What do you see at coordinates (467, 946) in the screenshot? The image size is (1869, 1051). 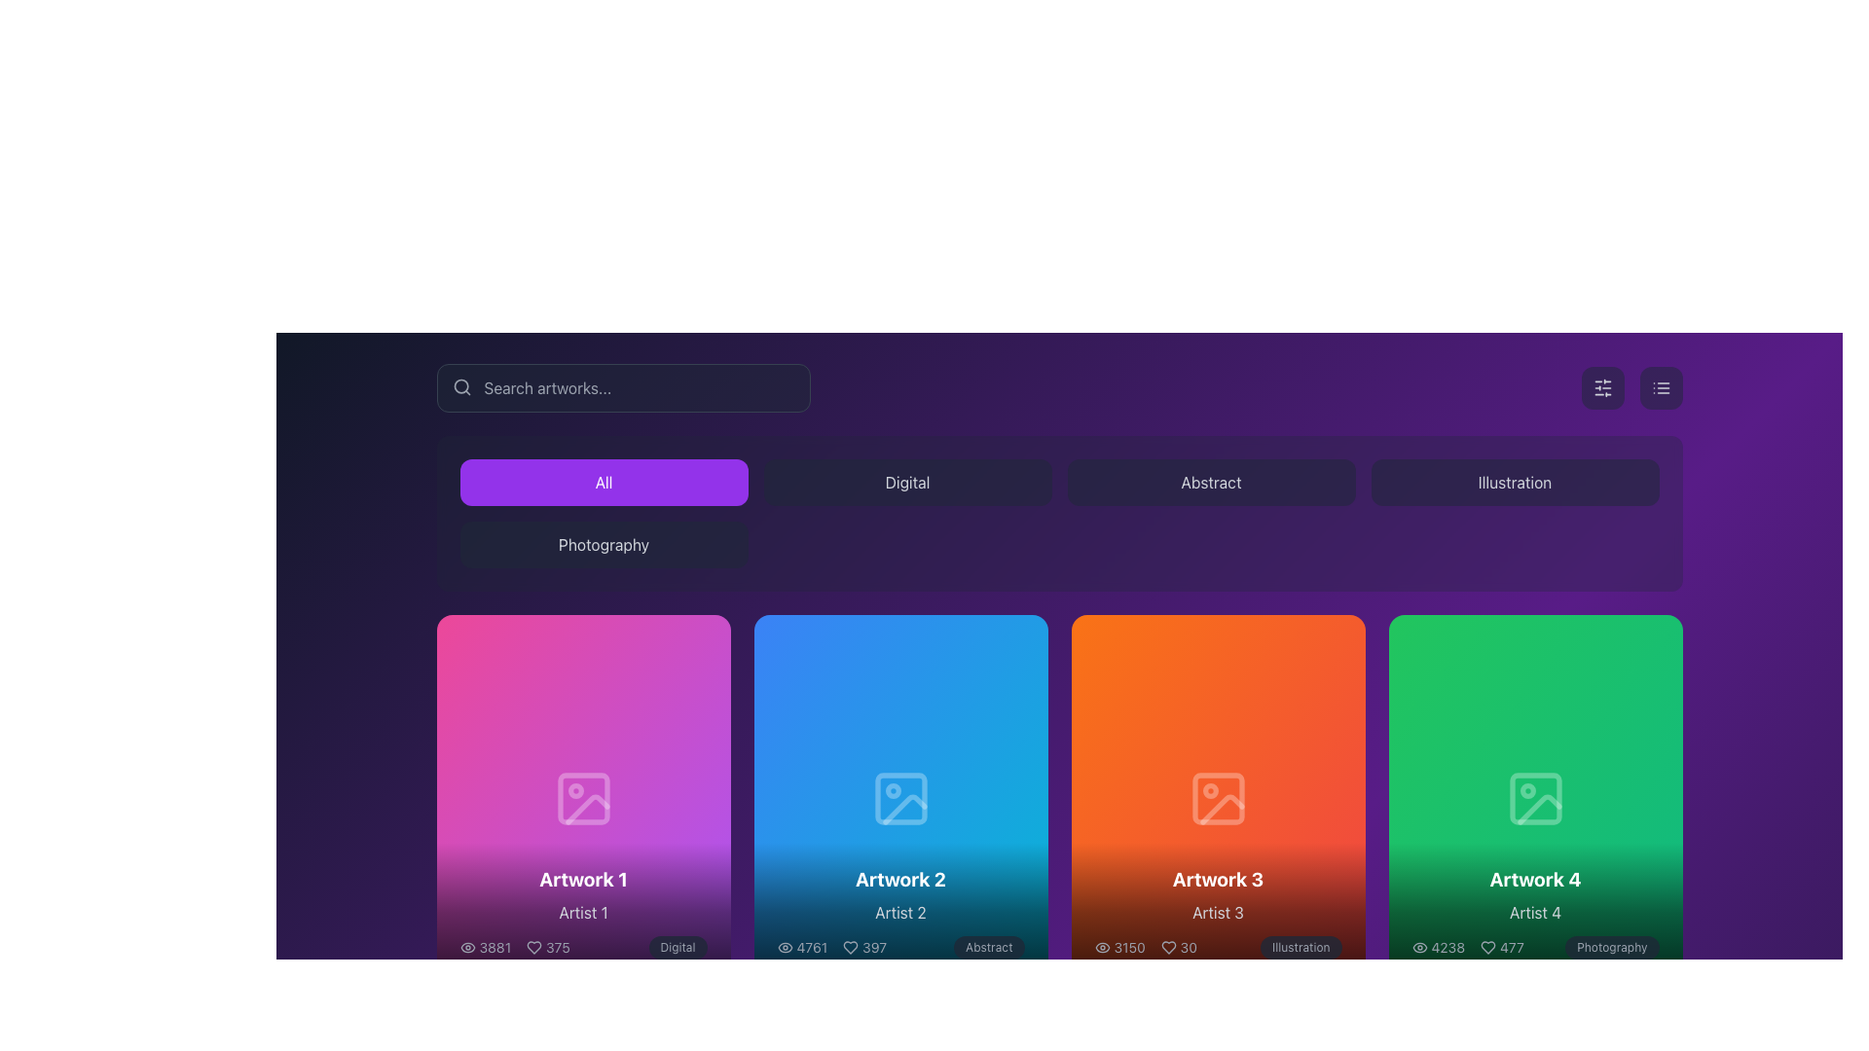 I see `the eye-shaped icon with a line-art outline located to the left of the text '3881', which represents a view count for the artwork information` at bounding box center [467, 946].